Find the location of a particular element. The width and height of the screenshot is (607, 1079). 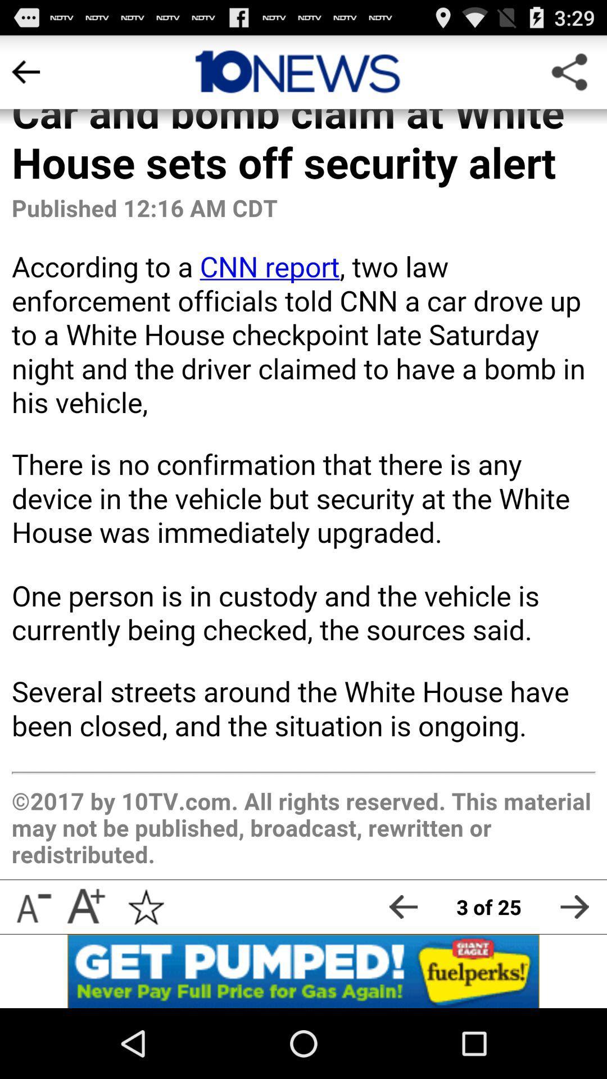

open ap is located at coordinates (303, 971).